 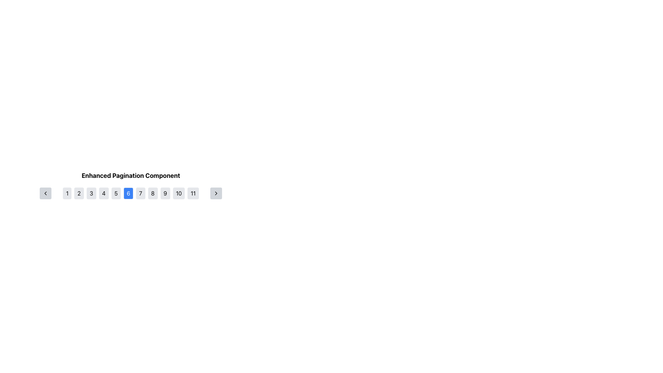 I want to click on the rectangular button labeled '8' with a gray background and rounded border, so click(x=152, y=193).